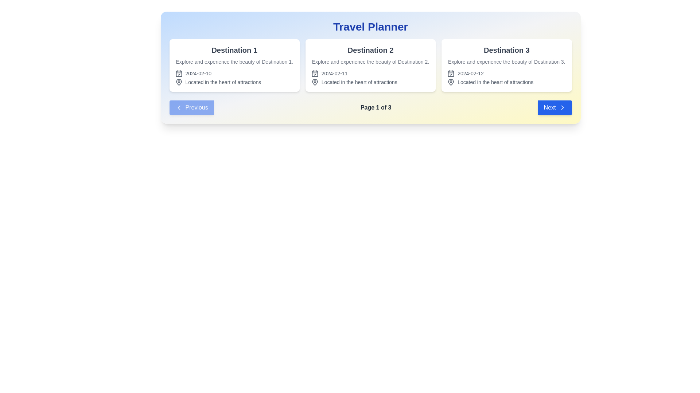 The image size is (700, 393). I want to click on the Chevron Right Symbol icon located on the blue 'Next' button in the bottom-right corner, so click(562, 108).